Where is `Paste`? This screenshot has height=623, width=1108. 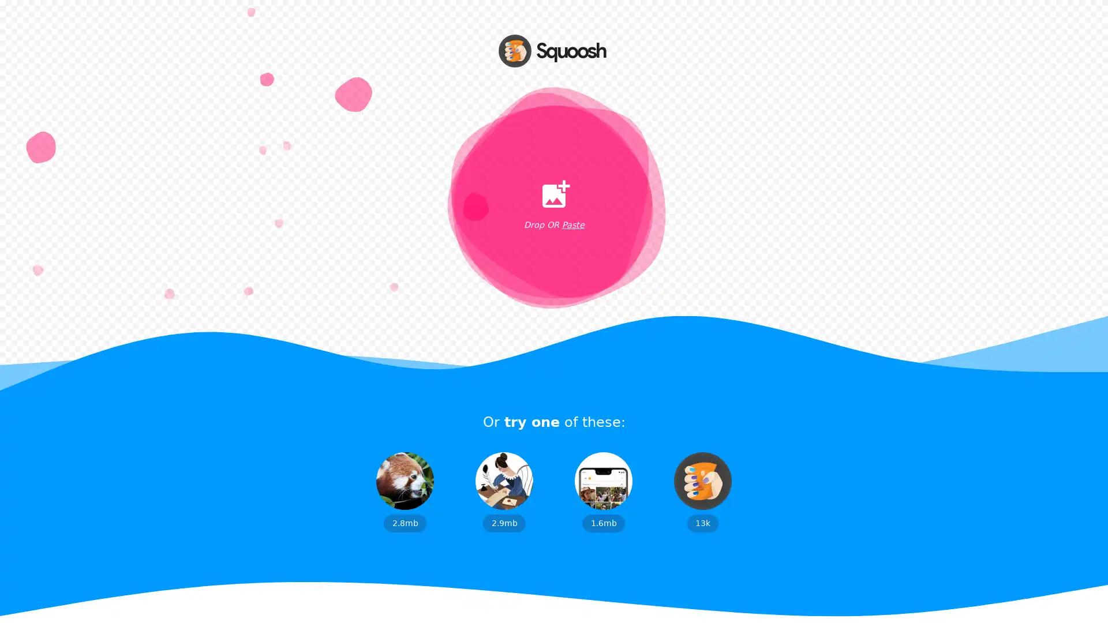 Paste is located at coordinates (572, 225).